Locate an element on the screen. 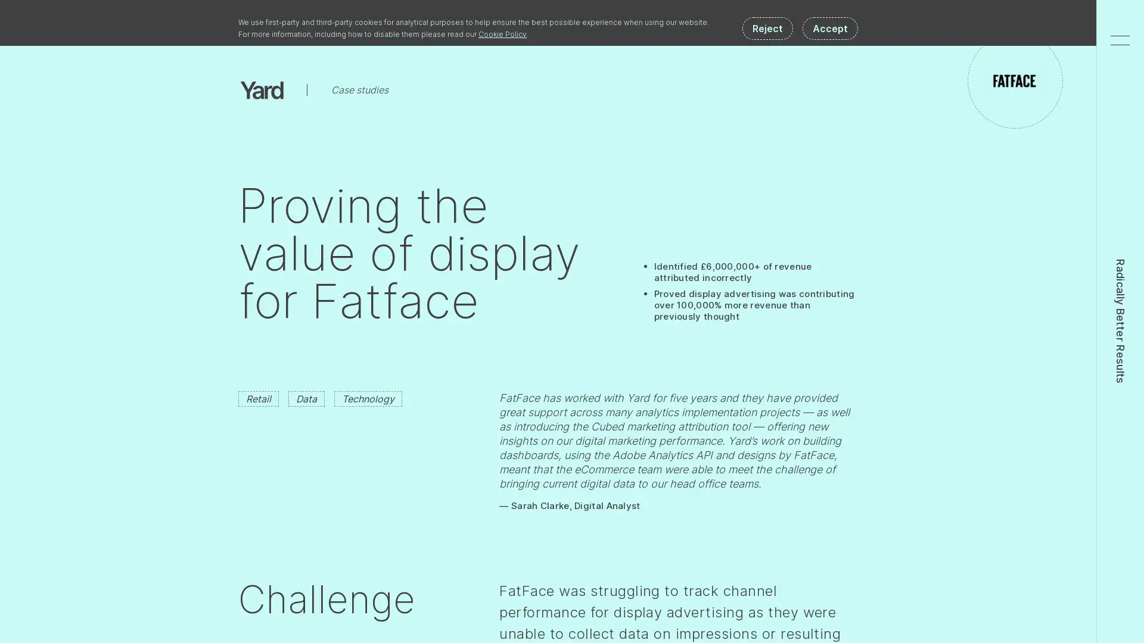 This screenshot has width=1144, height=643. Accept is located at coordinates (829, 27).